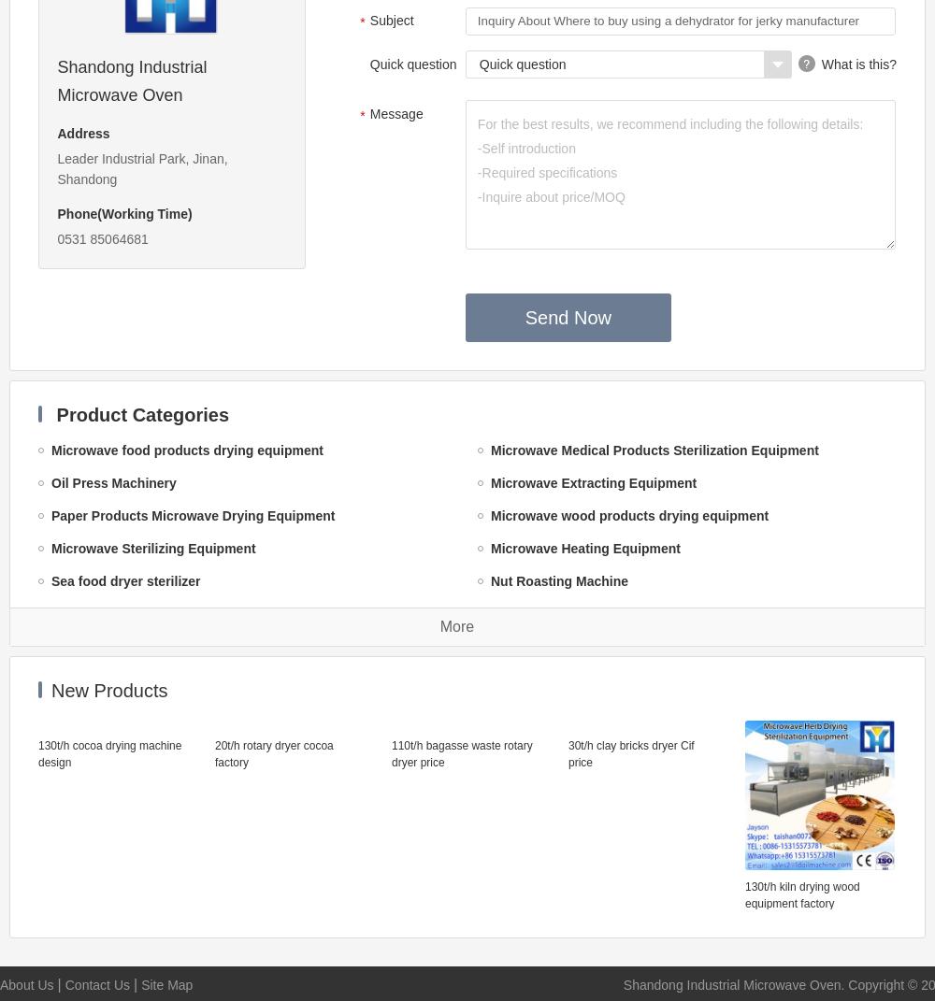 This screenshot has width=935, height=1001. What do you see at coordinates (274, 752) in the screenshot?
I see `'20t/h rotary dryer cocoa factory'` at bounding box center [274, 752].